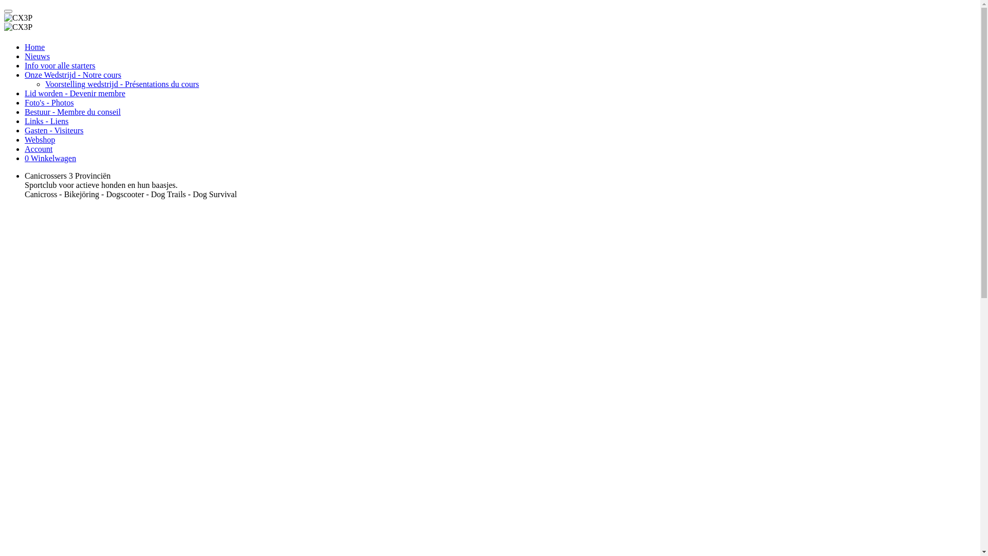  What do you see at coordinates (4, 27) in the screenshot?
I see `'CX3P'` at bounding box center [4, 27].